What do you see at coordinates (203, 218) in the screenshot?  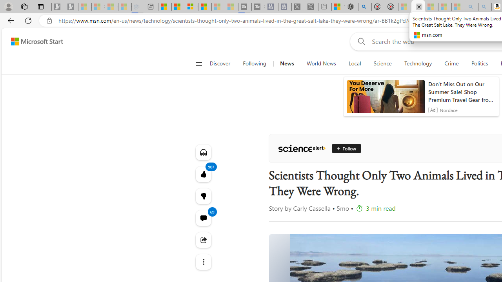 I see `'View comments 69 Comment'` at bounding box center [203, 218].